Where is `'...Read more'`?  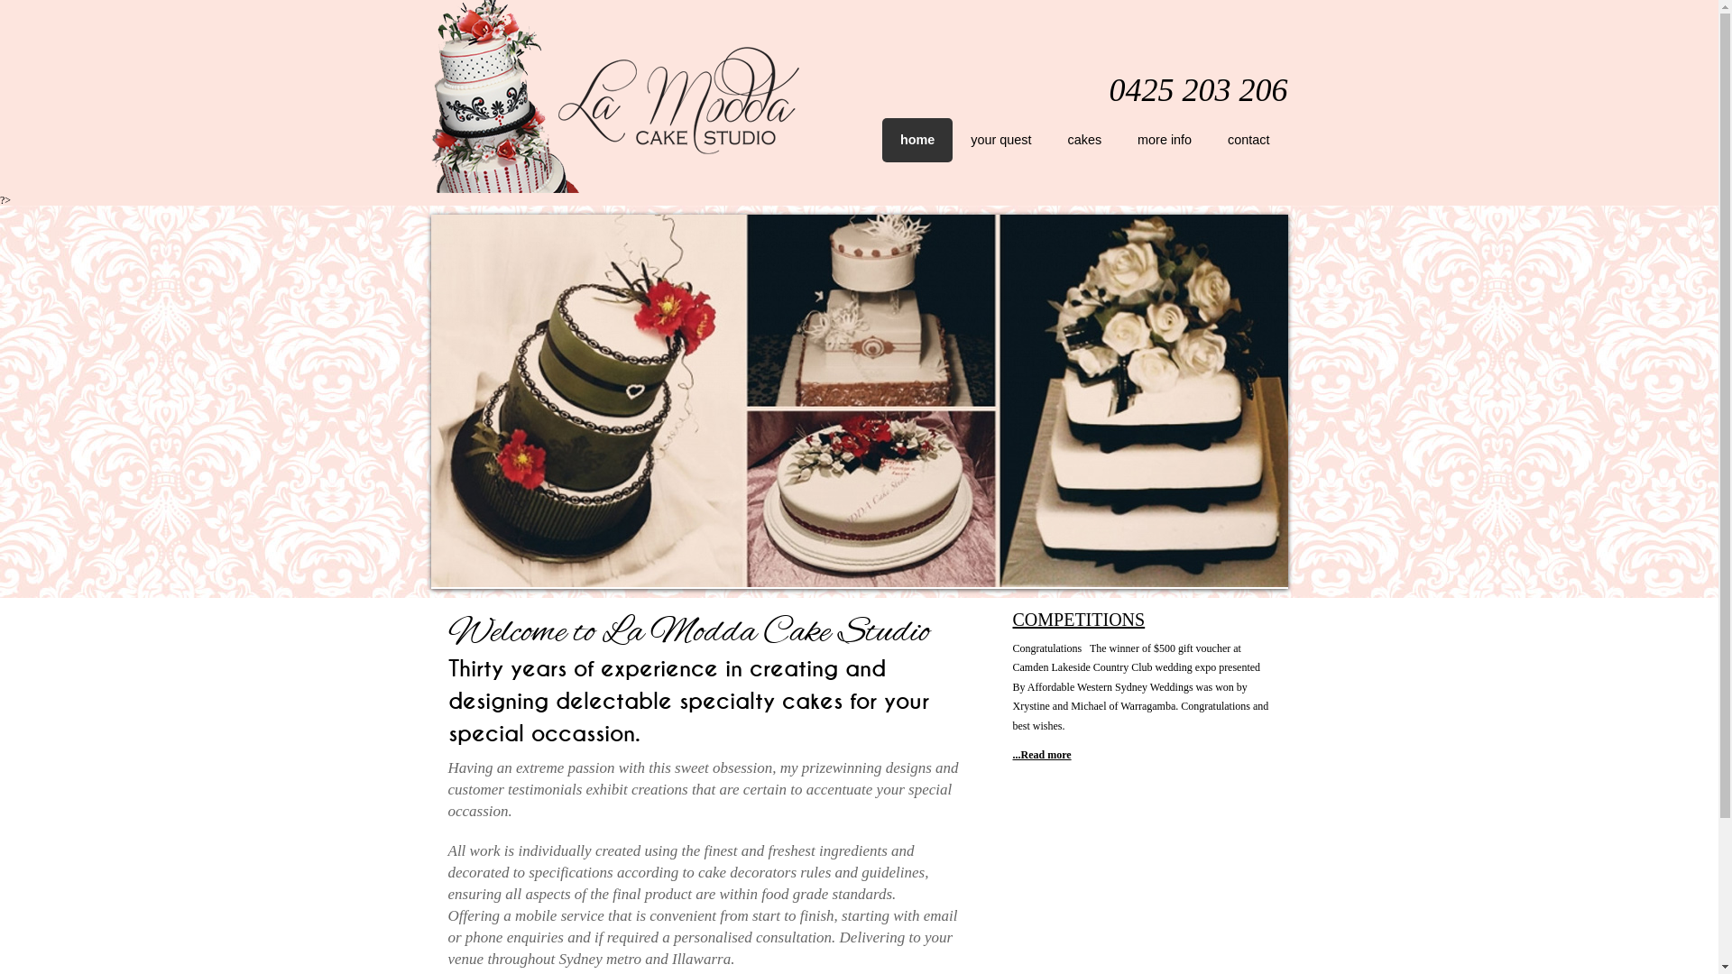
'...Read more' is located at coordinates (1012, 755).